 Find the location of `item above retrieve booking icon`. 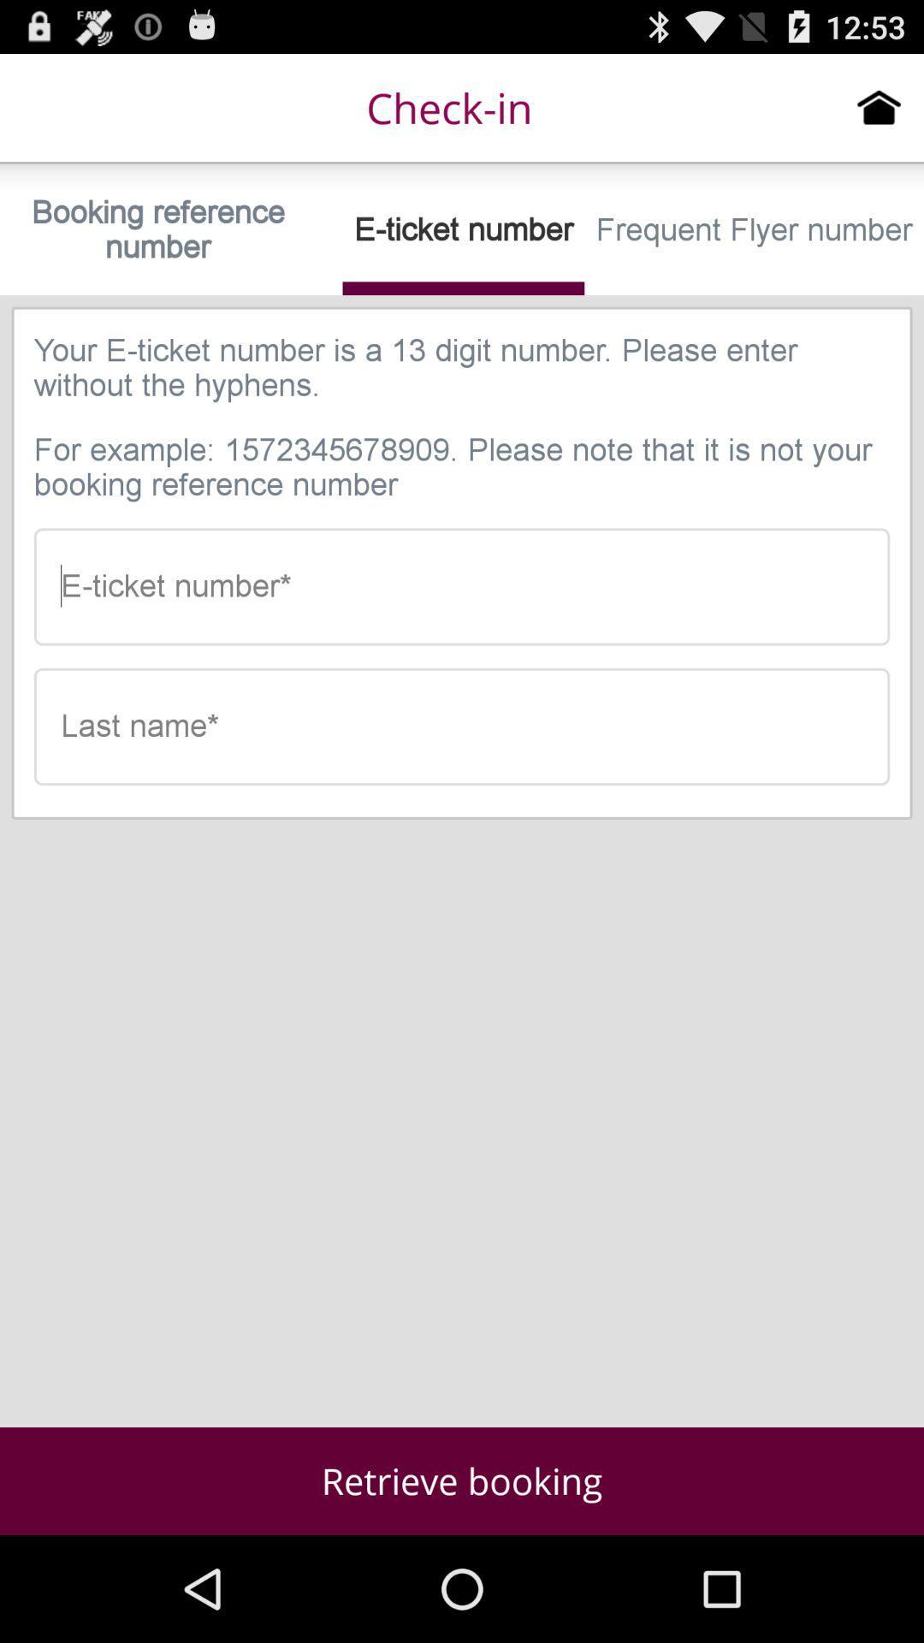

item above retrieve booking icon is located at coordinates (462, 727).